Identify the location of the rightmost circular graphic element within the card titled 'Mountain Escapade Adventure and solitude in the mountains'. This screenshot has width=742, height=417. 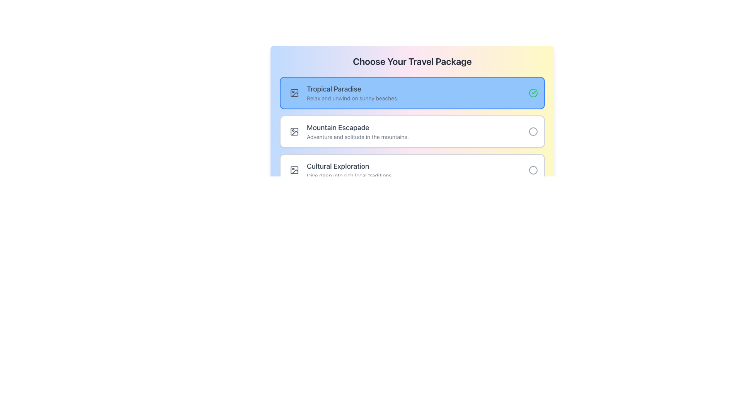
(533, 131).